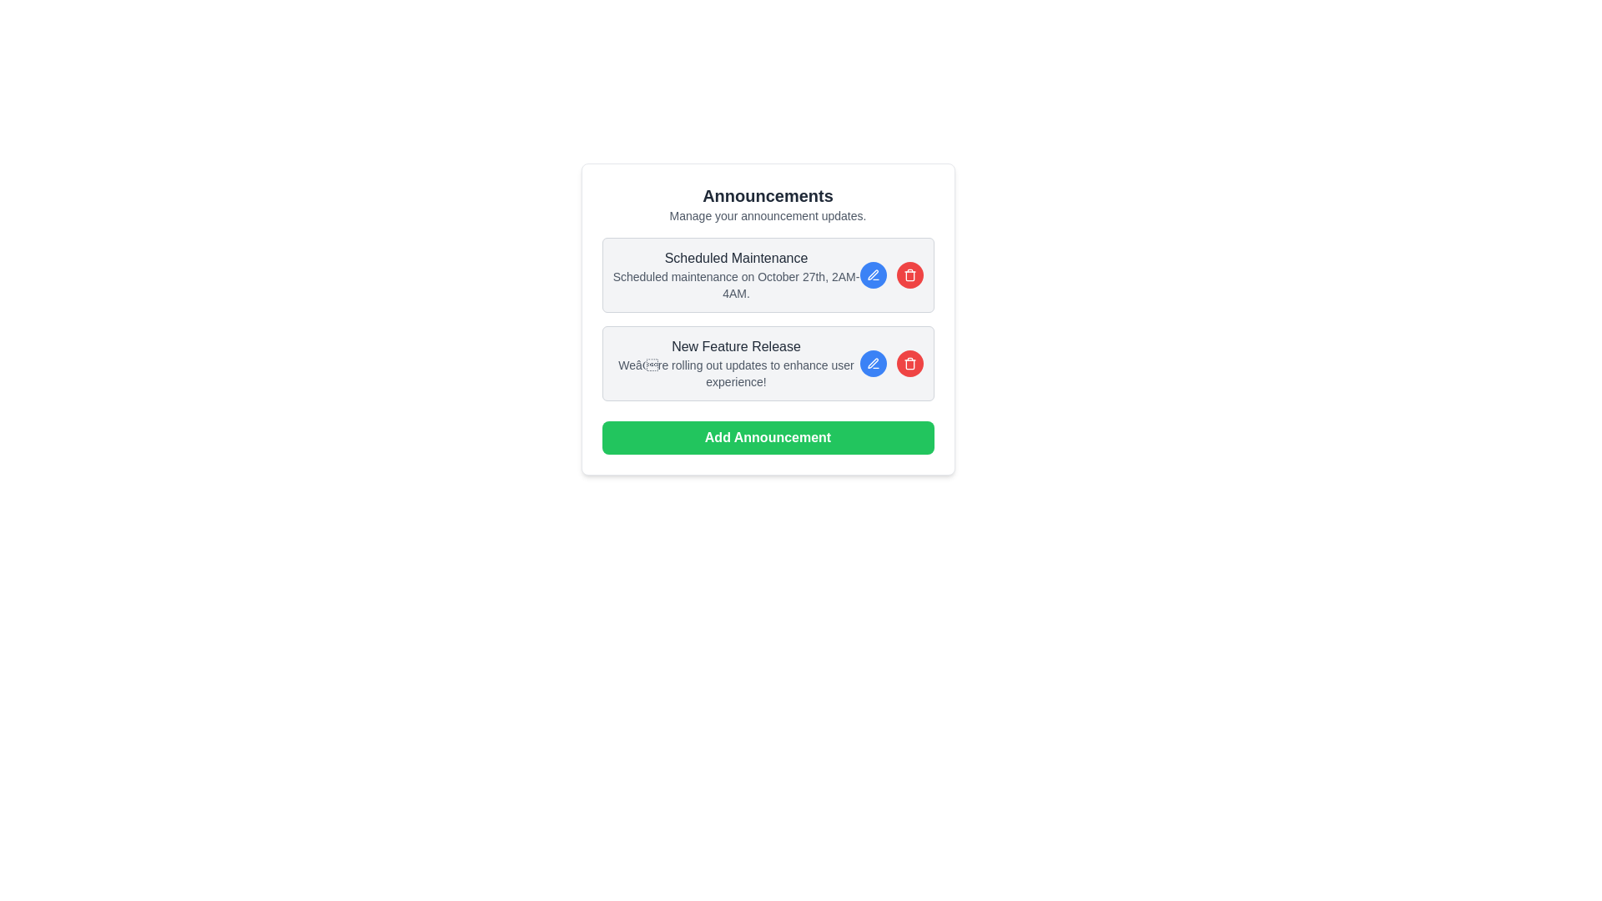  I want to click on text of the Text Label element displaying 'New Feature Release', which is bold and grayish-black, located under the 'Announcements' heading, so click(735, 346).